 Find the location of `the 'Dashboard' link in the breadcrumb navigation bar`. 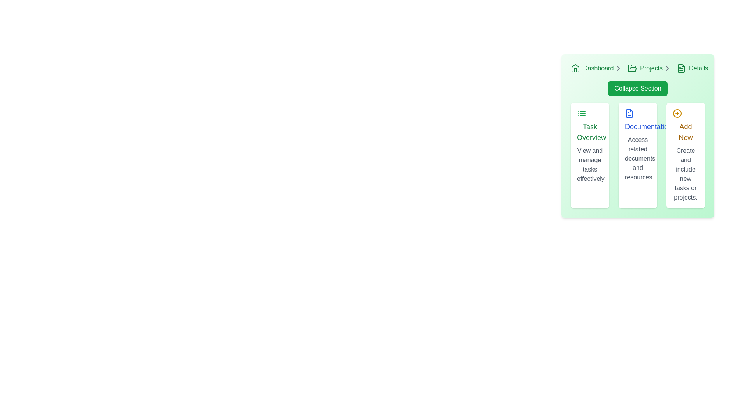

the 'Dashboard' link in the breadcrumb navigation bar is located at coordinates (596, 68).